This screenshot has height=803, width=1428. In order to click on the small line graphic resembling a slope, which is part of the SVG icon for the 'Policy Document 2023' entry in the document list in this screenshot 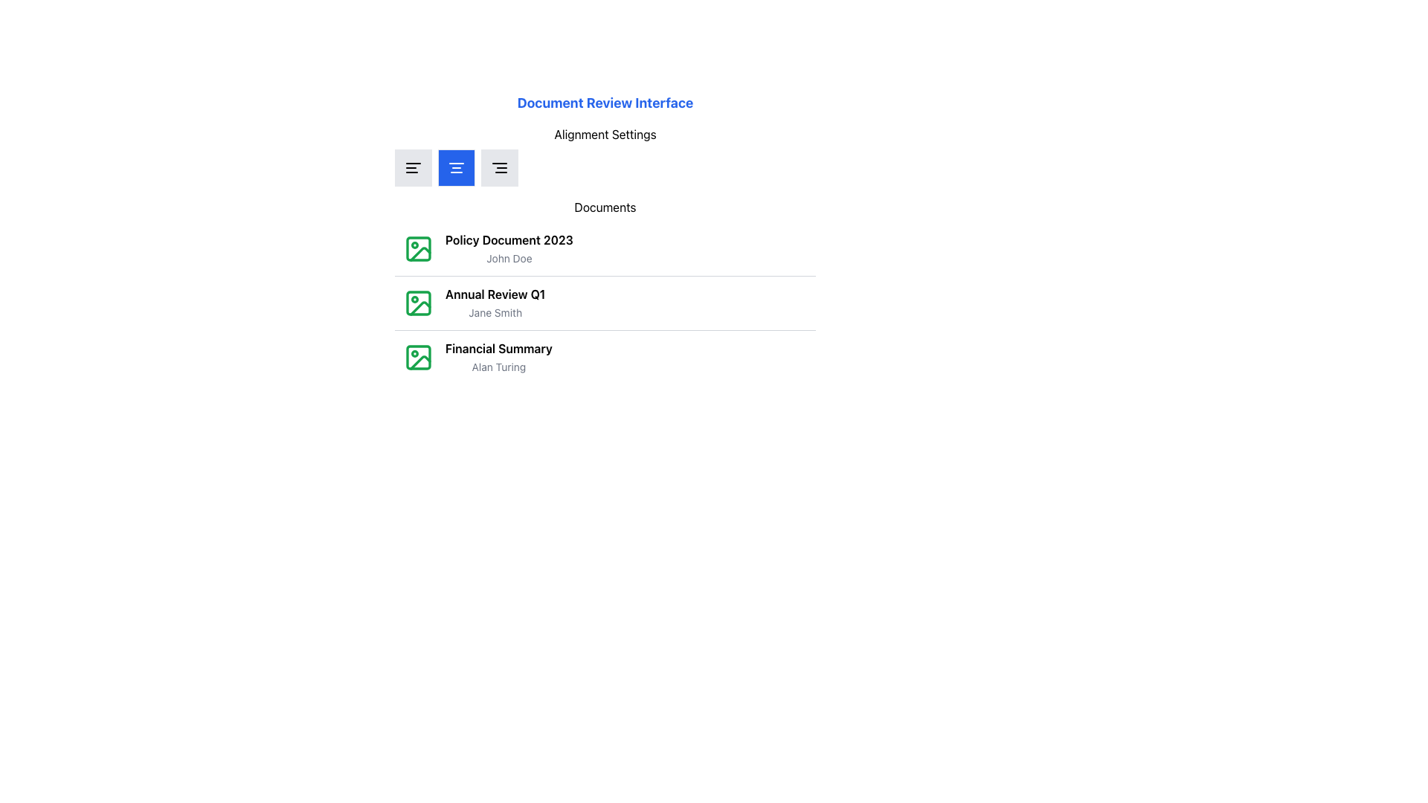, I will do `click(419, 253)`.